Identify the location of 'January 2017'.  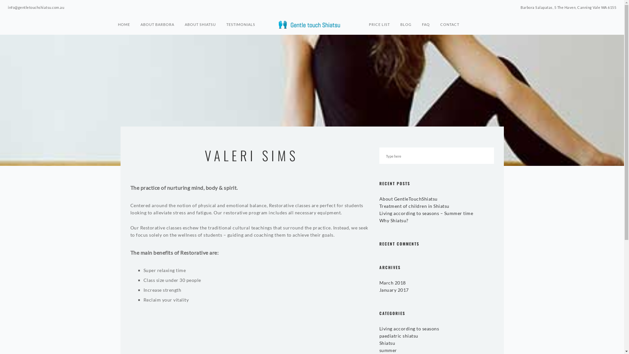
(394, 289).